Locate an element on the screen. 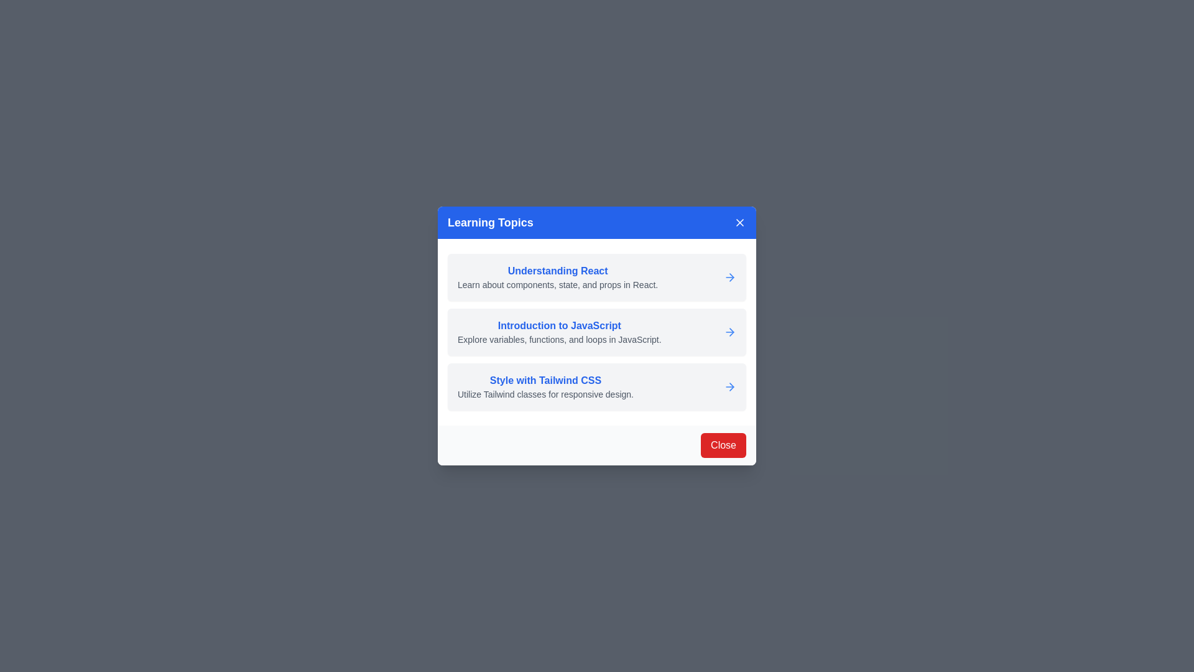  the second informational block titled 'Introduction to JavaScript' in the modal dialog 'Learning Topics' is located at coordinates (597, 331).